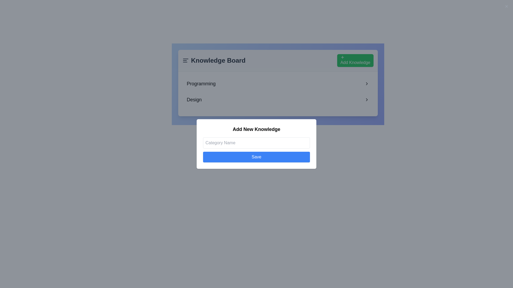 The width and height of the screenshot is (513, 288). What do you see at coordinates (366, 83) in the screenshot?
I see `the rightward chevron icon, which is the navigational control positioned to the right of the text 'Programming' within the 'Knowledge Board' card` at bounding box center [366, 83].